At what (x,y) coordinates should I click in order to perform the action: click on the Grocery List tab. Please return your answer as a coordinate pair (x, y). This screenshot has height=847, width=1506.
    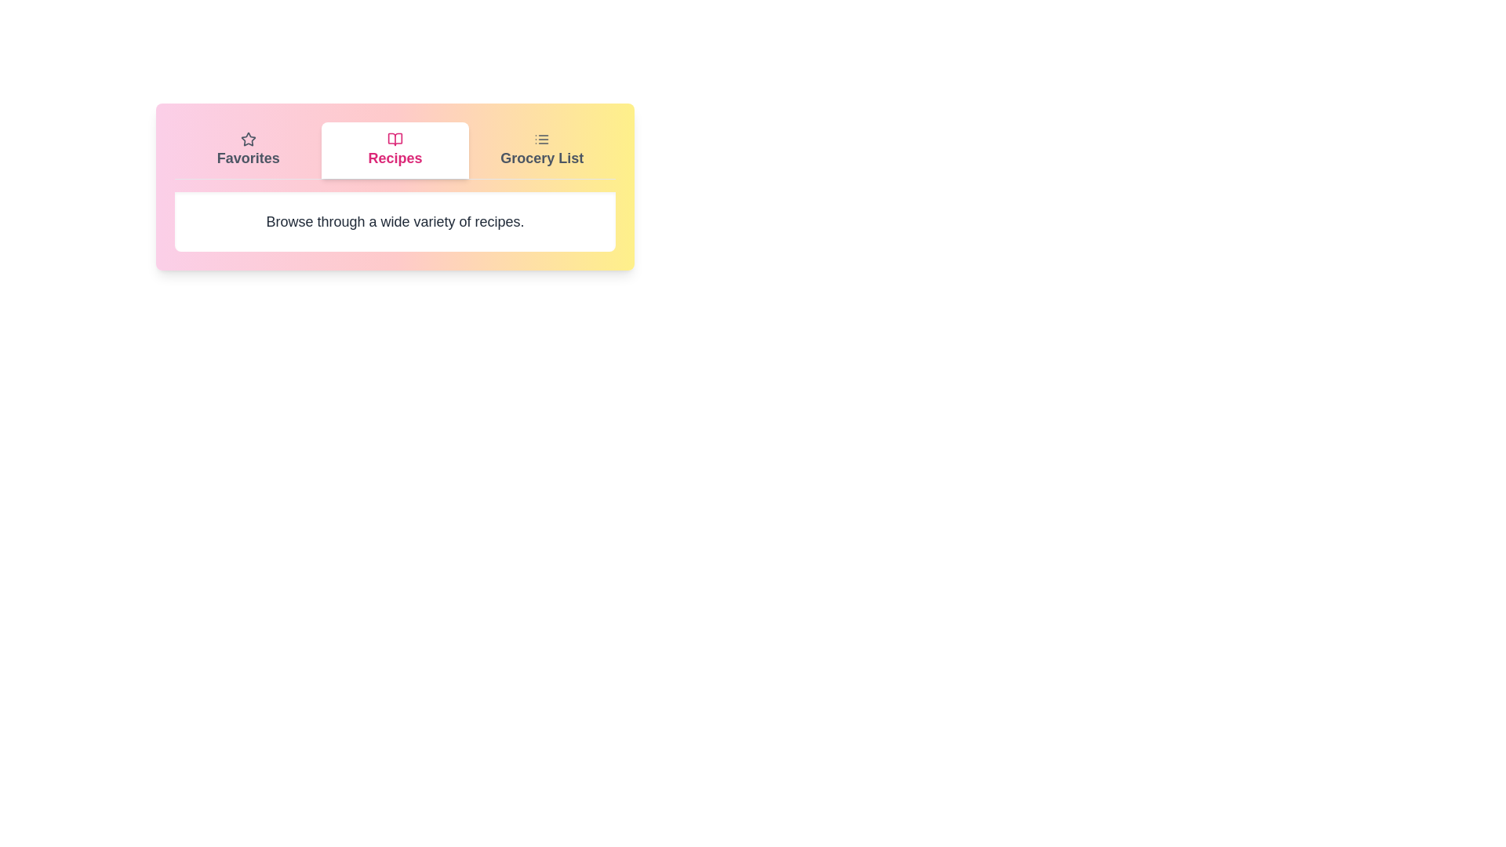
    Looking at the image, I should click on (542, 151).